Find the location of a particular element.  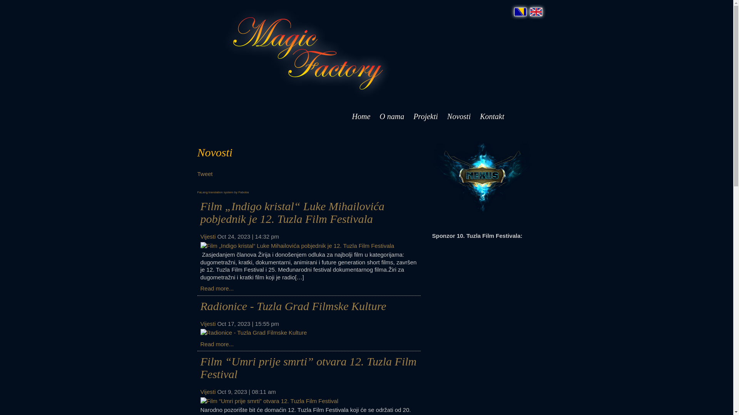

'Novosti' is located at coordinates (459, 116).